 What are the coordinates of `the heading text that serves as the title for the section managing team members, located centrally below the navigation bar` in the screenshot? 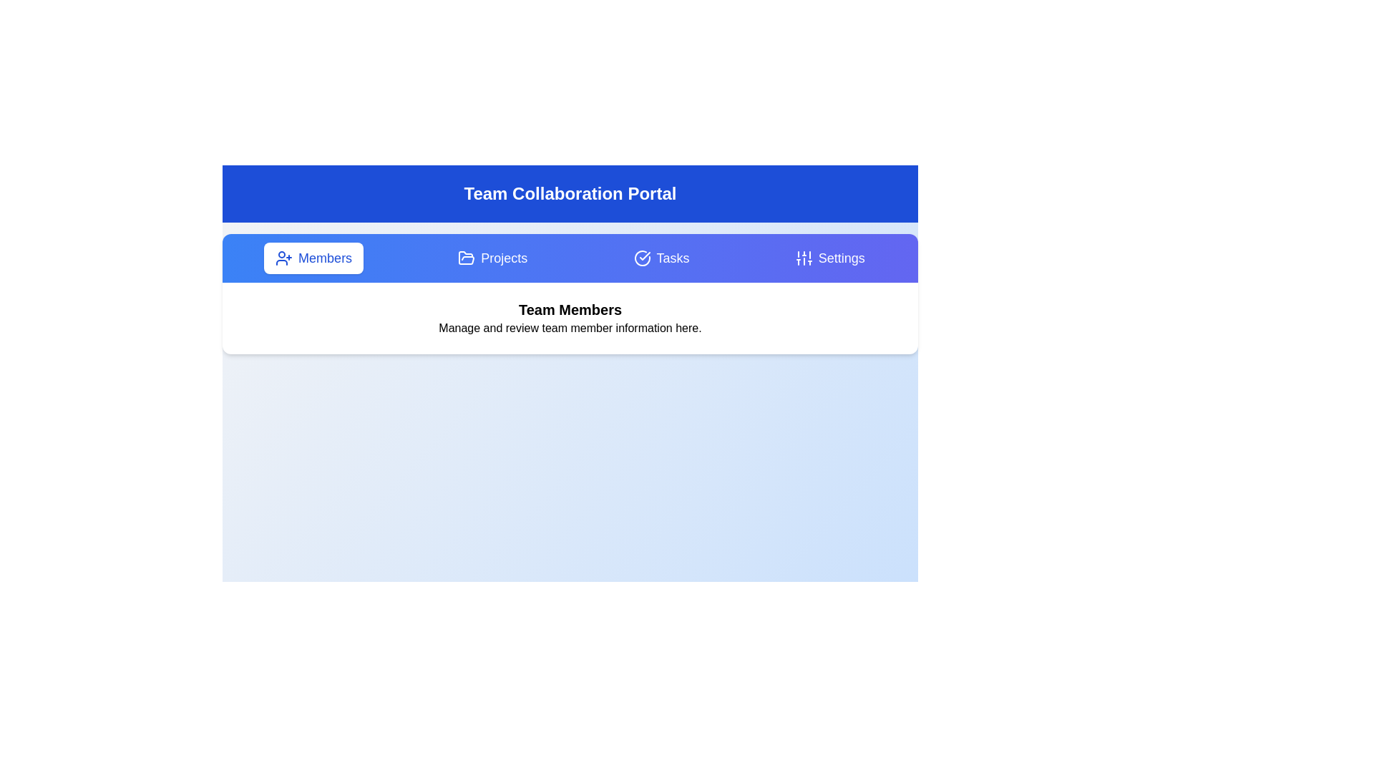 It's located at (569, 308).